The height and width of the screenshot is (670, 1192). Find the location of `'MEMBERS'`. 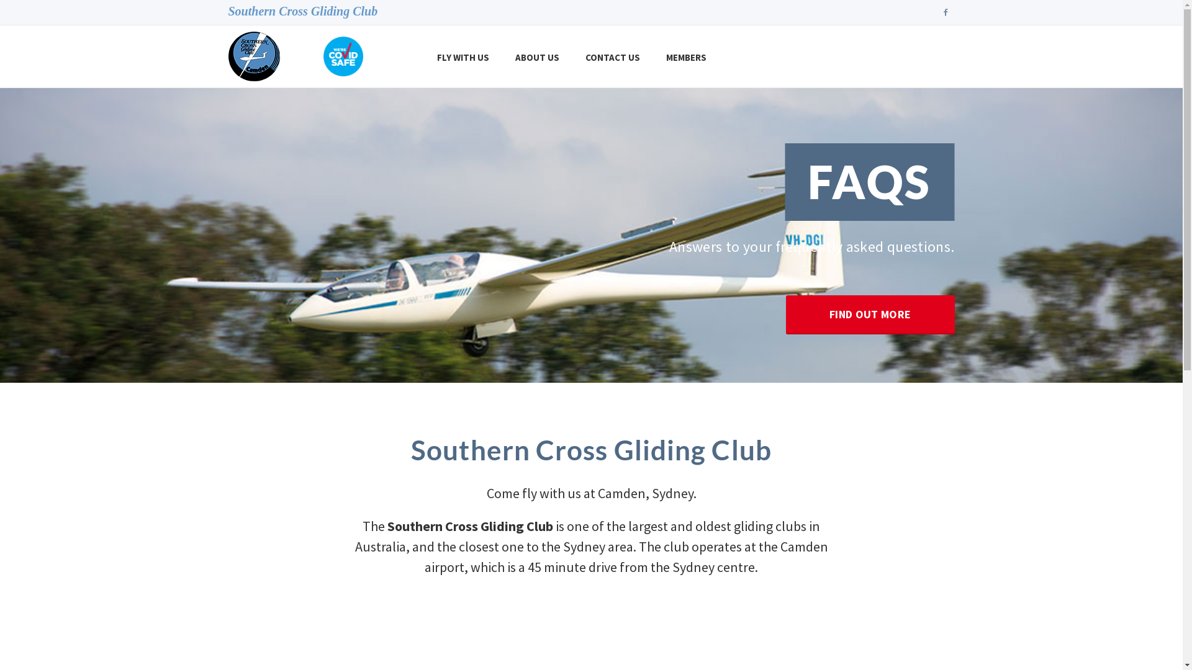

'MEMBERS' is located at coordinates (652, 56).